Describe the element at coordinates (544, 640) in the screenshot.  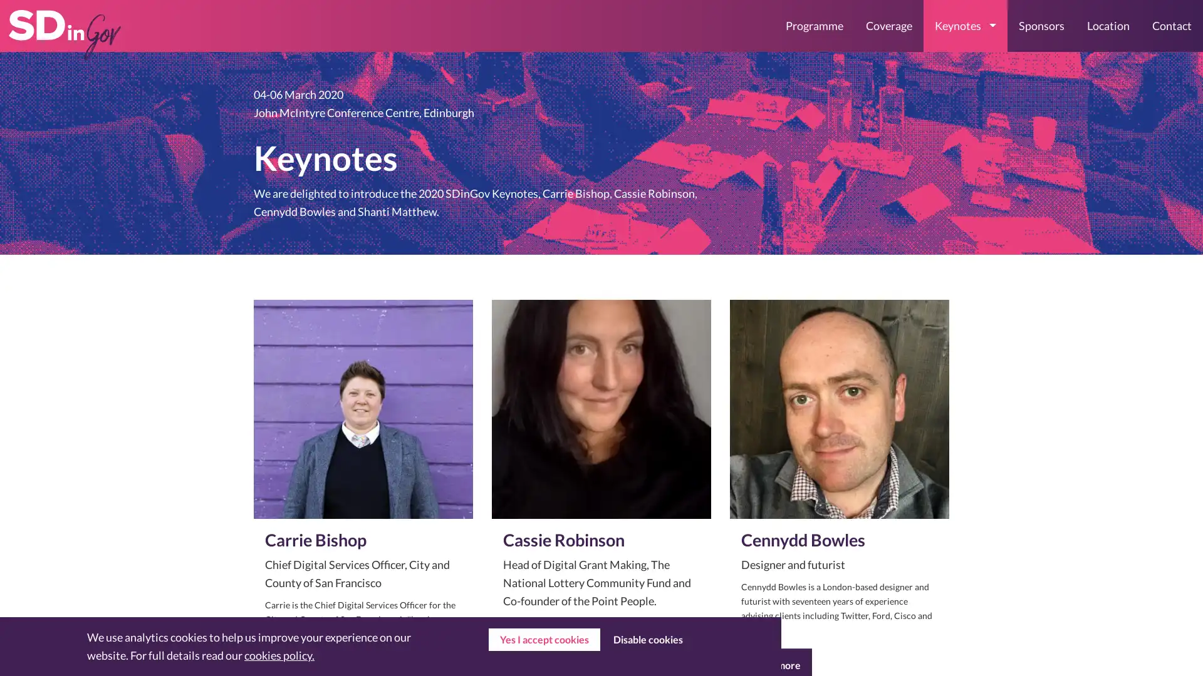
I see `Yes I accept cookies` at that location.